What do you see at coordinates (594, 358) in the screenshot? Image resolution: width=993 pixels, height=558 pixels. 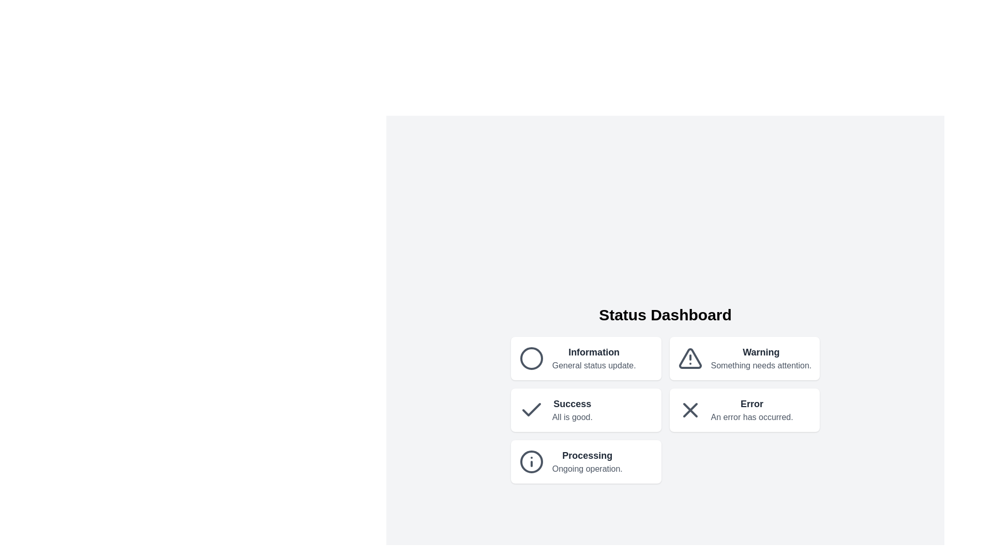 I see `the text labels that convey the 'General status update' message, located in the top-left section of the status dashboard, directly below the 'Status Dashboard' heading` at bounding box center [594, 358].